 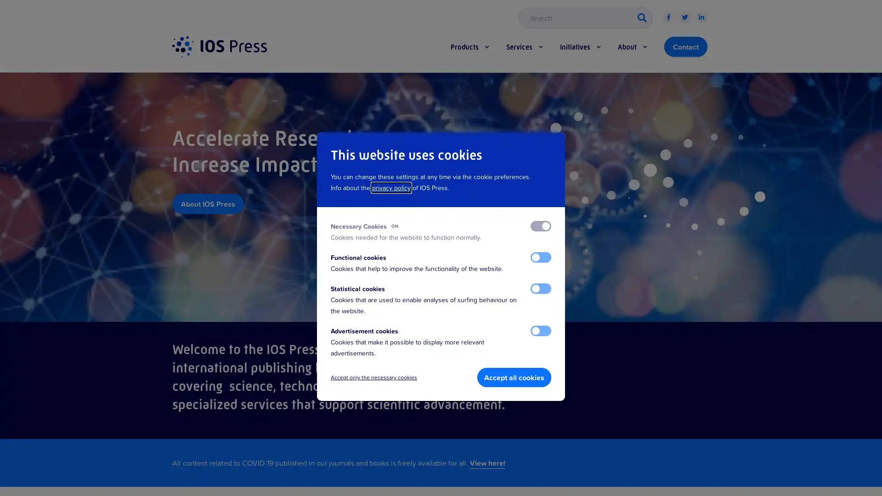 I want to click on button, so click(x=641, y=17).